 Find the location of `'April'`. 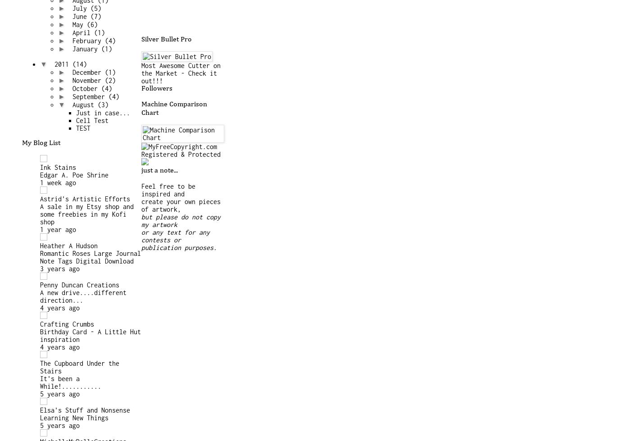

'April' is located at coordinates (72, 32).